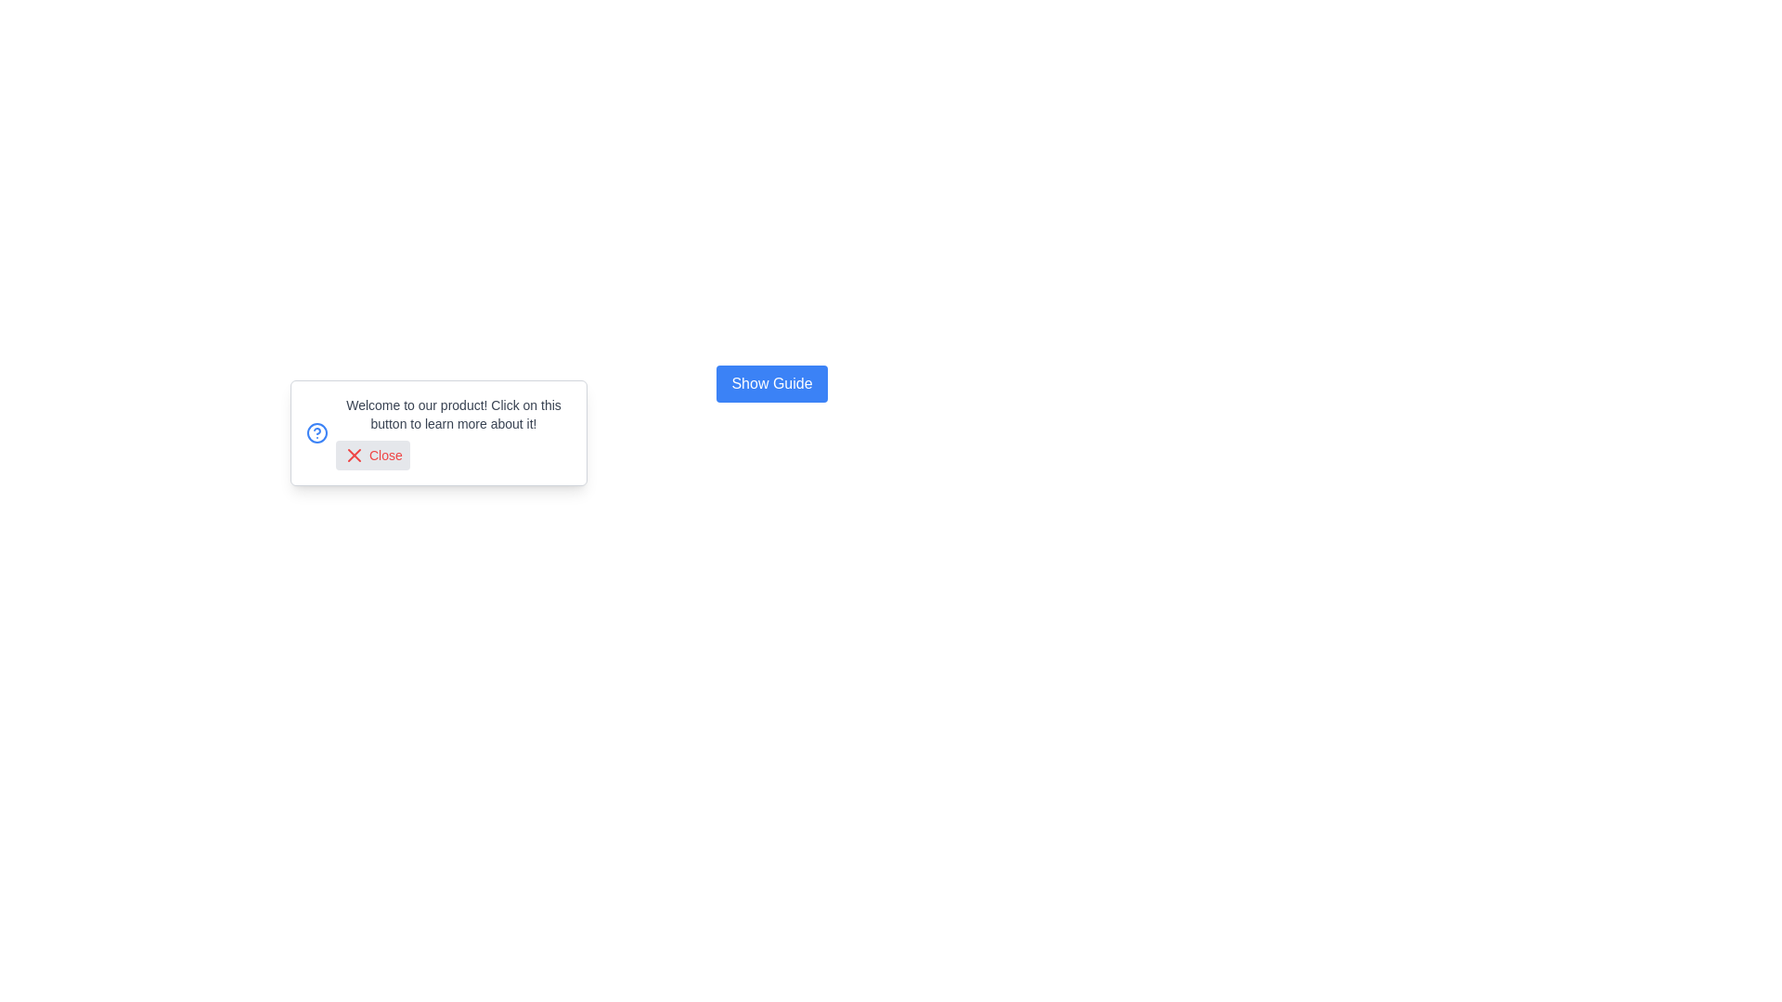 This screenshot has height=1002, width=1782. Describe the element at coordinates (771, 382) in the screenshot. I see `the blue rectangular button labeled 'Show Guide'` at that location.